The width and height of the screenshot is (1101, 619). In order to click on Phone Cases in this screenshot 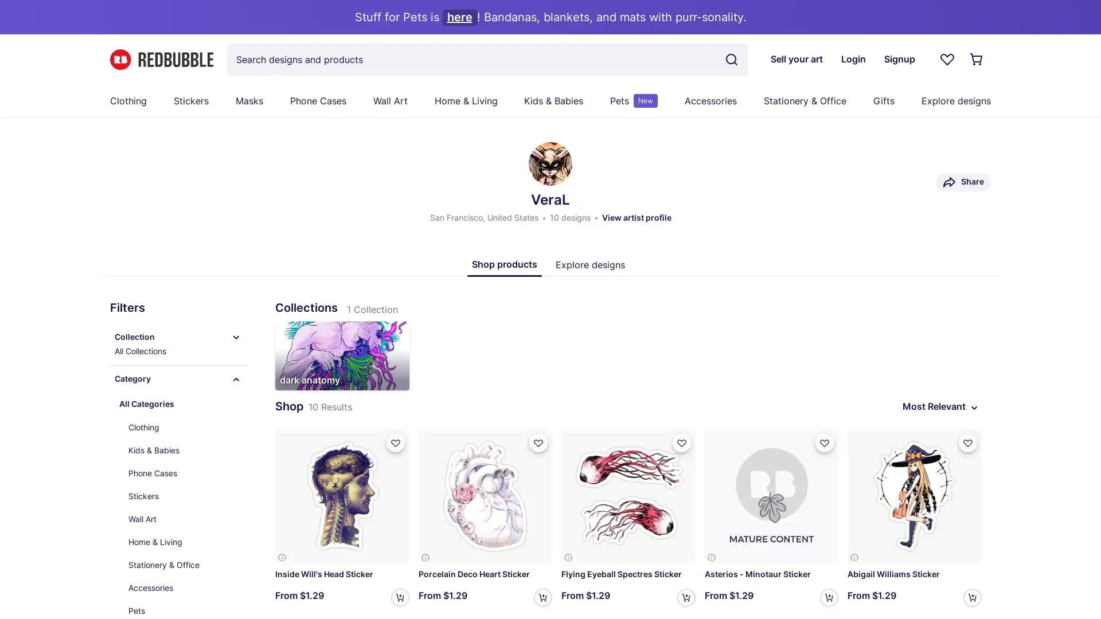, I will do `click(183, 473)`.